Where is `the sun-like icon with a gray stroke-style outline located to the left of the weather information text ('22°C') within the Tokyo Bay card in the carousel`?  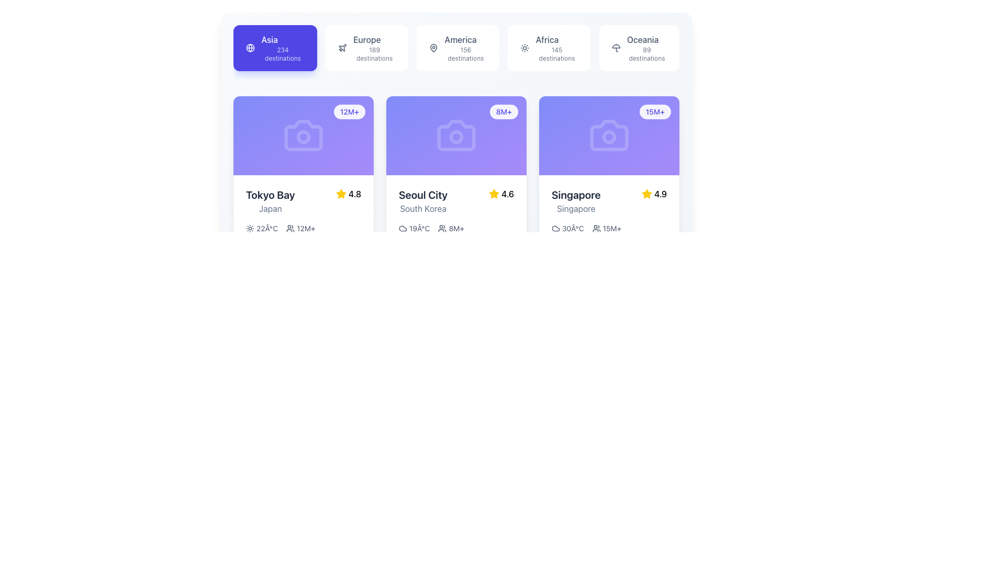
the sun-like icon with a gray stroke-style outline located to the left of the weather information text ('22°C') within the Tokyo Bay card in the carousel is located at coordinates (250, 228).